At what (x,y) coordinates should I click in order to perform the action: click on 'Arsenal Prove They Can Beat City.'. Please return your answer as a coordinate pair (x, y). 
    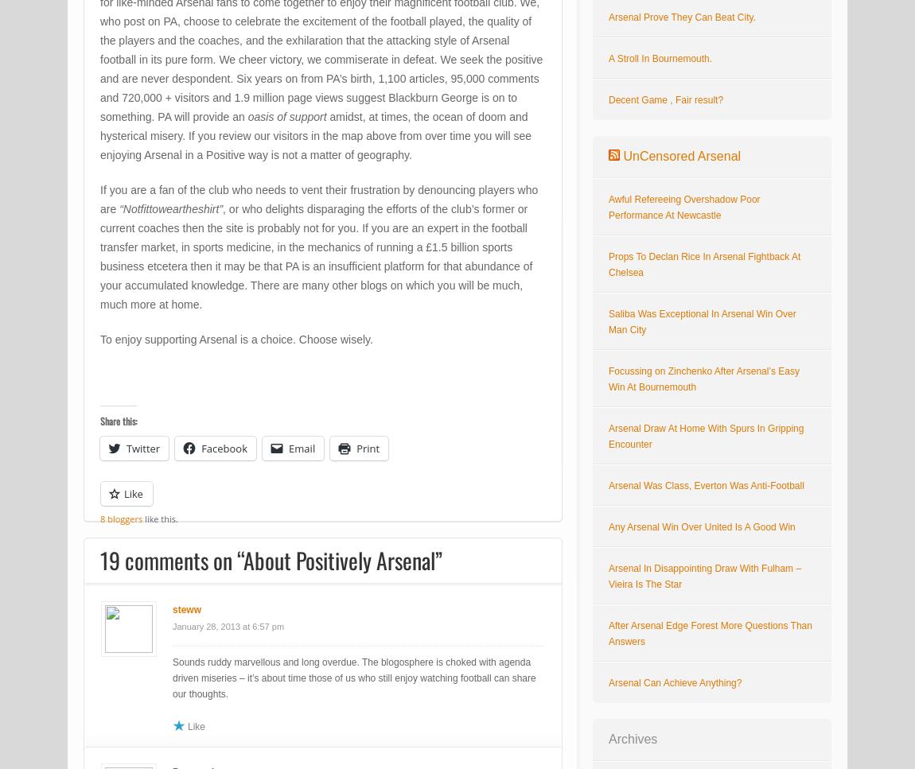
    Looking at the image, I should click on (680, 17).